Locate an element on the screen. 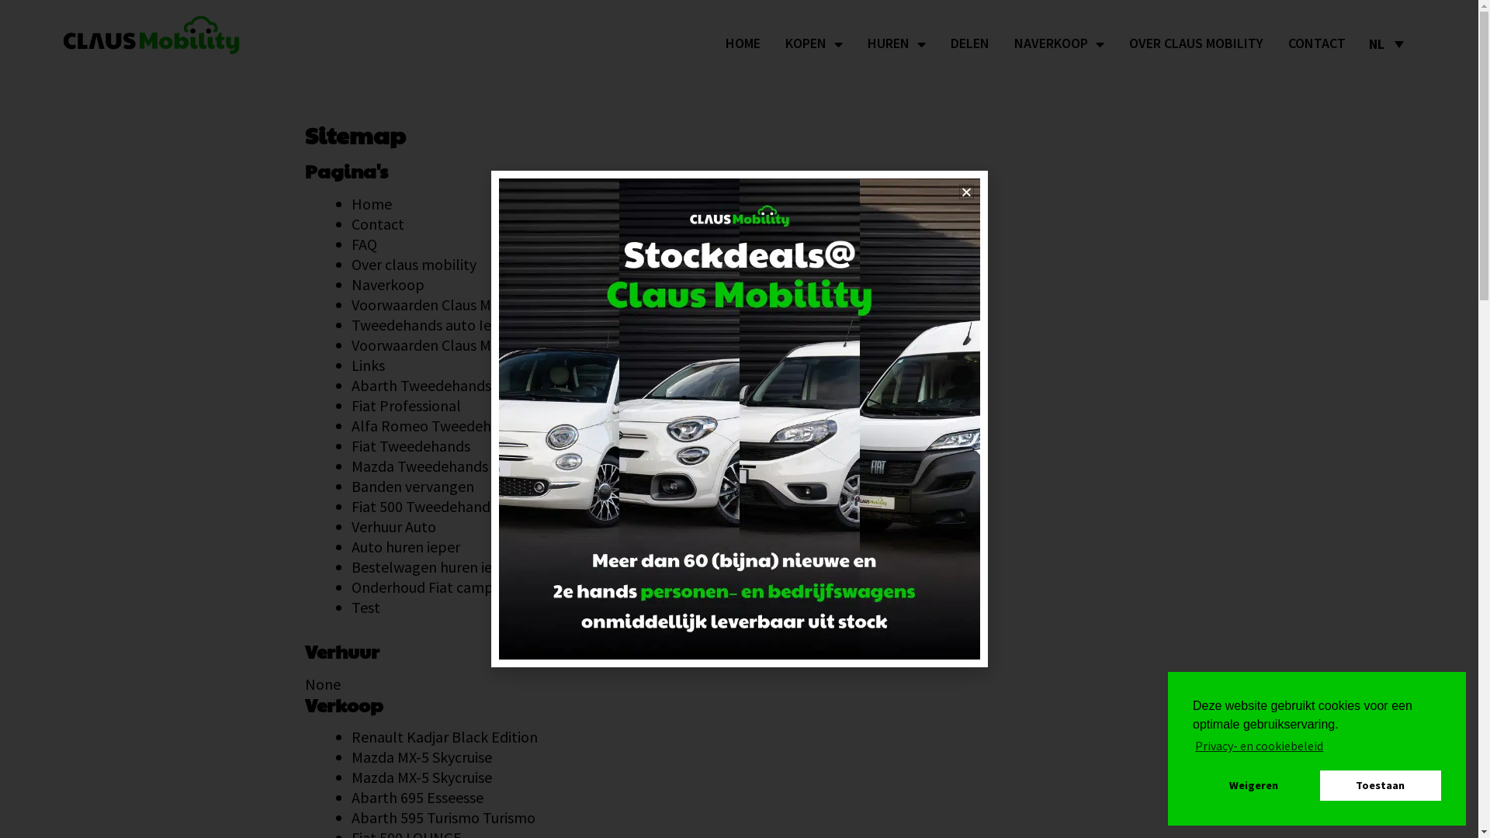  'HOME' is located at coordinates (725, 43).